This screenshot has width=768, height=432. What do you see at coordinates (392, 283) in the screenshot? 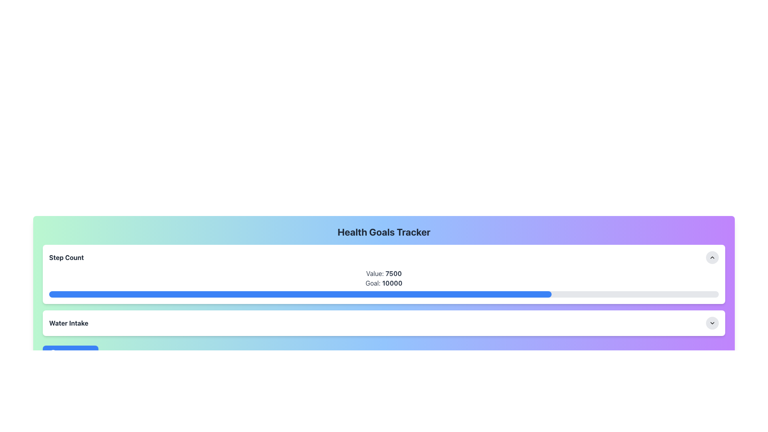
I see `the Static Text displaying '10000' in bold and dark color, which is located under the header 'Goal:' in the health tracking interface` at bounding box center [392, 283].